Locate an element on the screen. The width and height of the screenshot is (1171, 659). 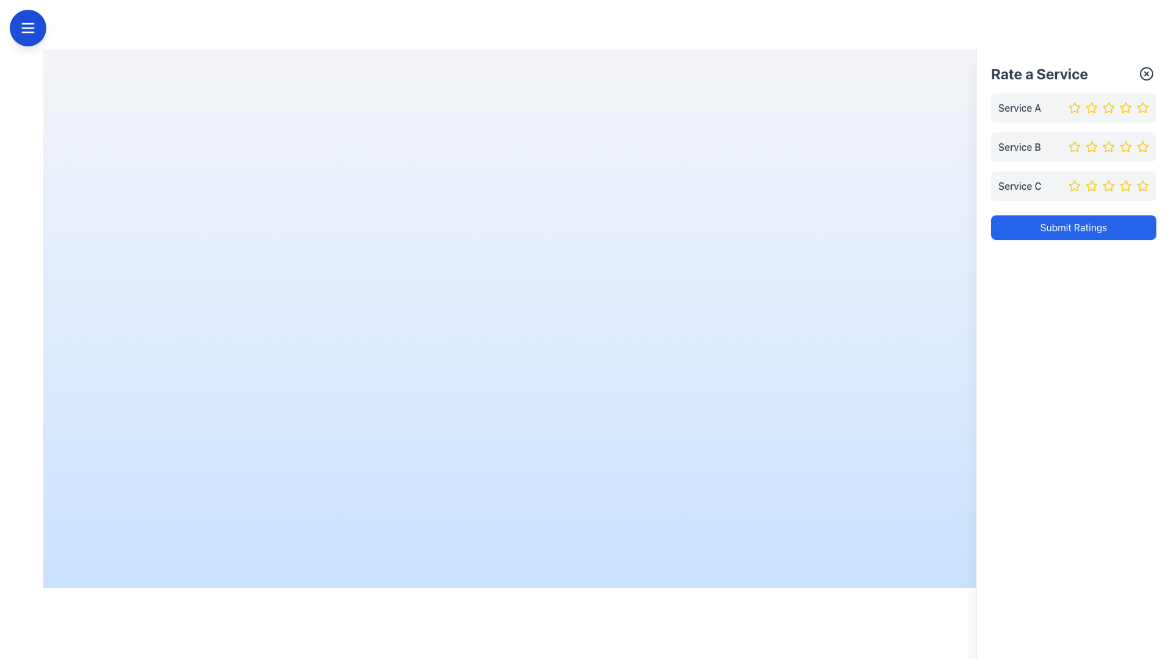
the fourth star icon is located at coordinates (1125, 107).